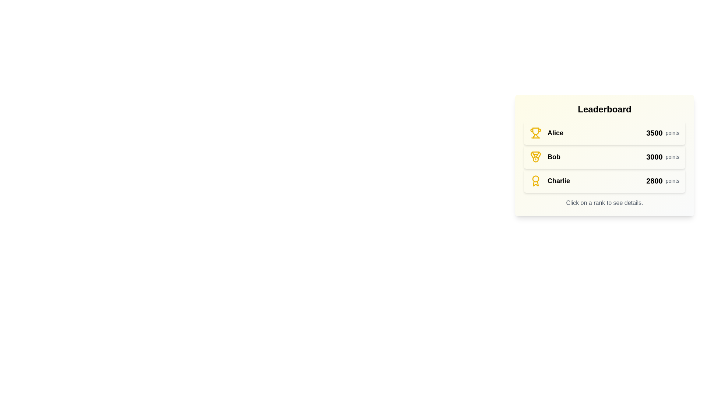 The image size is (707, 398). I want to click on the icon representing rank Bob, so click(535, 156).